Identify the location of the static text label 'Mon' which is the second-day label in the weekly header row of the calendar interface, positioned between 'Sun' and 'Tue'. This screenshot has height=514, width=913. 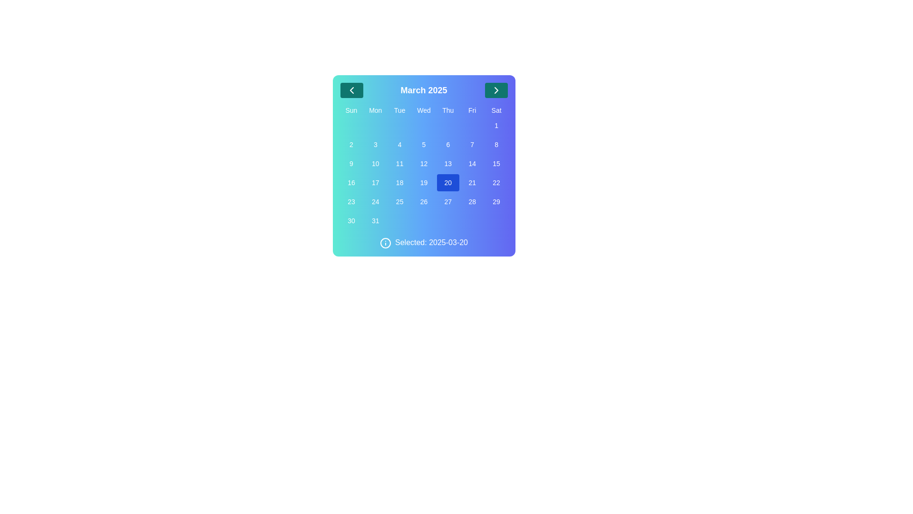
(375, 109).